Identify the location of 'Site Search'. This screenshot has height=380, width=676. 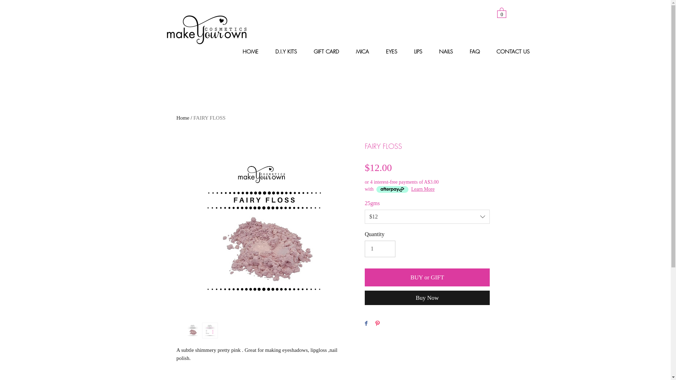
(412, 14).